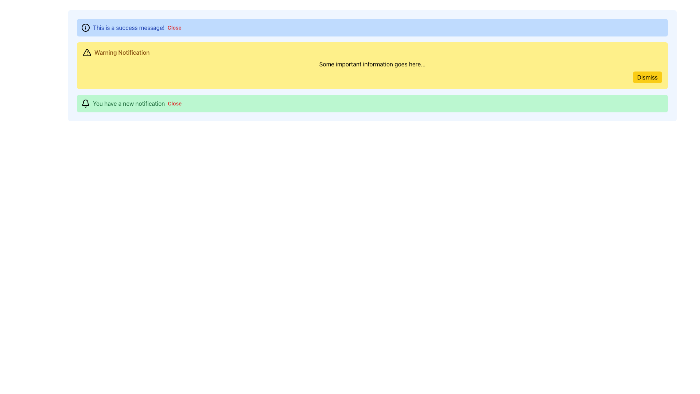 The image size is (700, 394). I want to click on the design of the information icon located to the left of the text 'This is a success message!' in the notification bar, so click(86, 27).